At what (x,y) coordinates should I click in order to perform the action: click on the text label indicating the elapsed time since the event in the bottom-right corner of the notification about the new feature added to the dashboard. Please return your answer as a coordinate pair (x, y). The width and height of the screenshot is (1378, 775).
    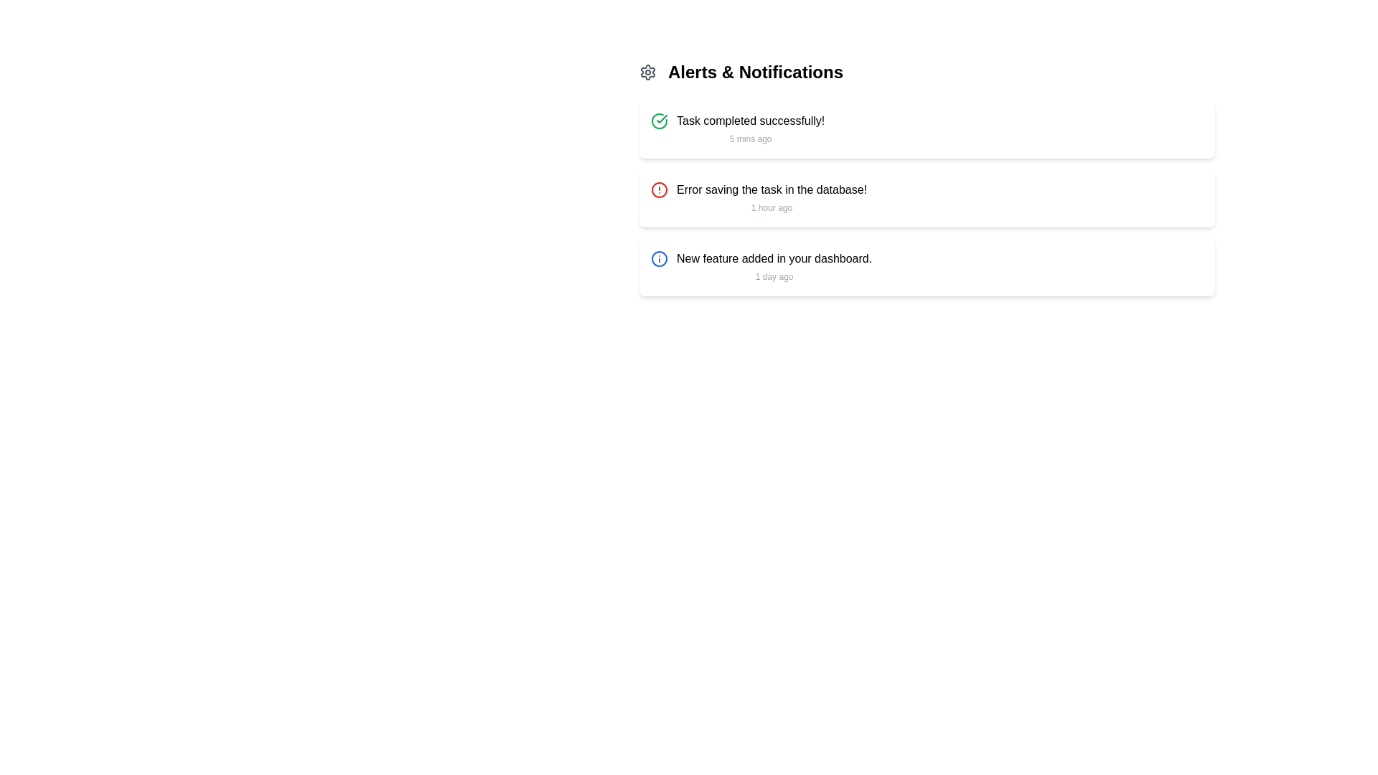
    Looking at the image, I should click on (774, 276).